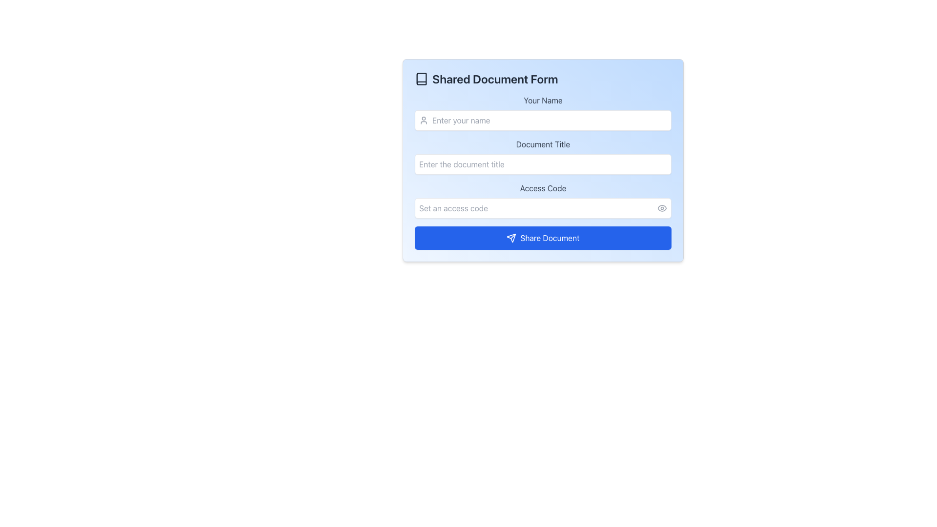 The height and width of the screenshot is (527, 937). Describe the element at coordinates (511, 238) in the screenshot. I see `the 'Share Document' button, which features a send icon shaped like a paper airplane with a blue background` at that location.